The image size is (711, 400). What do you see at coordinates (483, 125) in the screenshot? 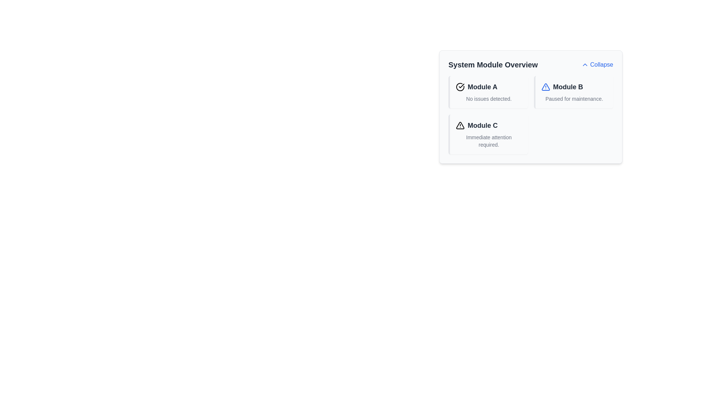
I see `the 'Module C' textual label, which is styled with a larger bold font in dark gray` at bounding box center [483, 125].